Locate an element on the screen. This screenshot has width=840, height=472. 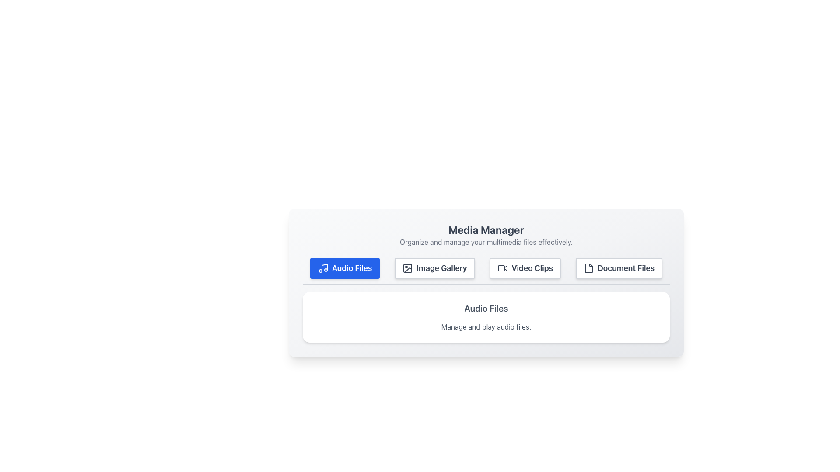
the icon representing an audio or music file within the 'Audio Files' button located at the top left of the UI is located at coordinates (322, 267).